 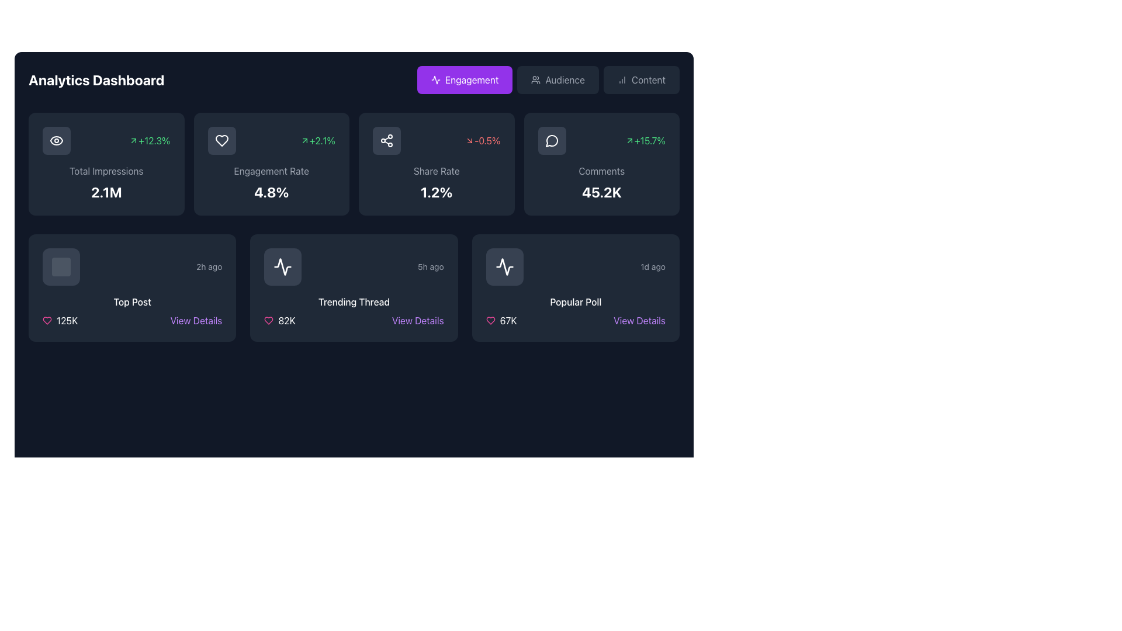 What do you see at coordinates (96, 79) in the screenshot?
I see `the Text Header element located at the top-left corner of the dashboard, which serves as the title or header for the page's content` at bounding box center [96, 79].